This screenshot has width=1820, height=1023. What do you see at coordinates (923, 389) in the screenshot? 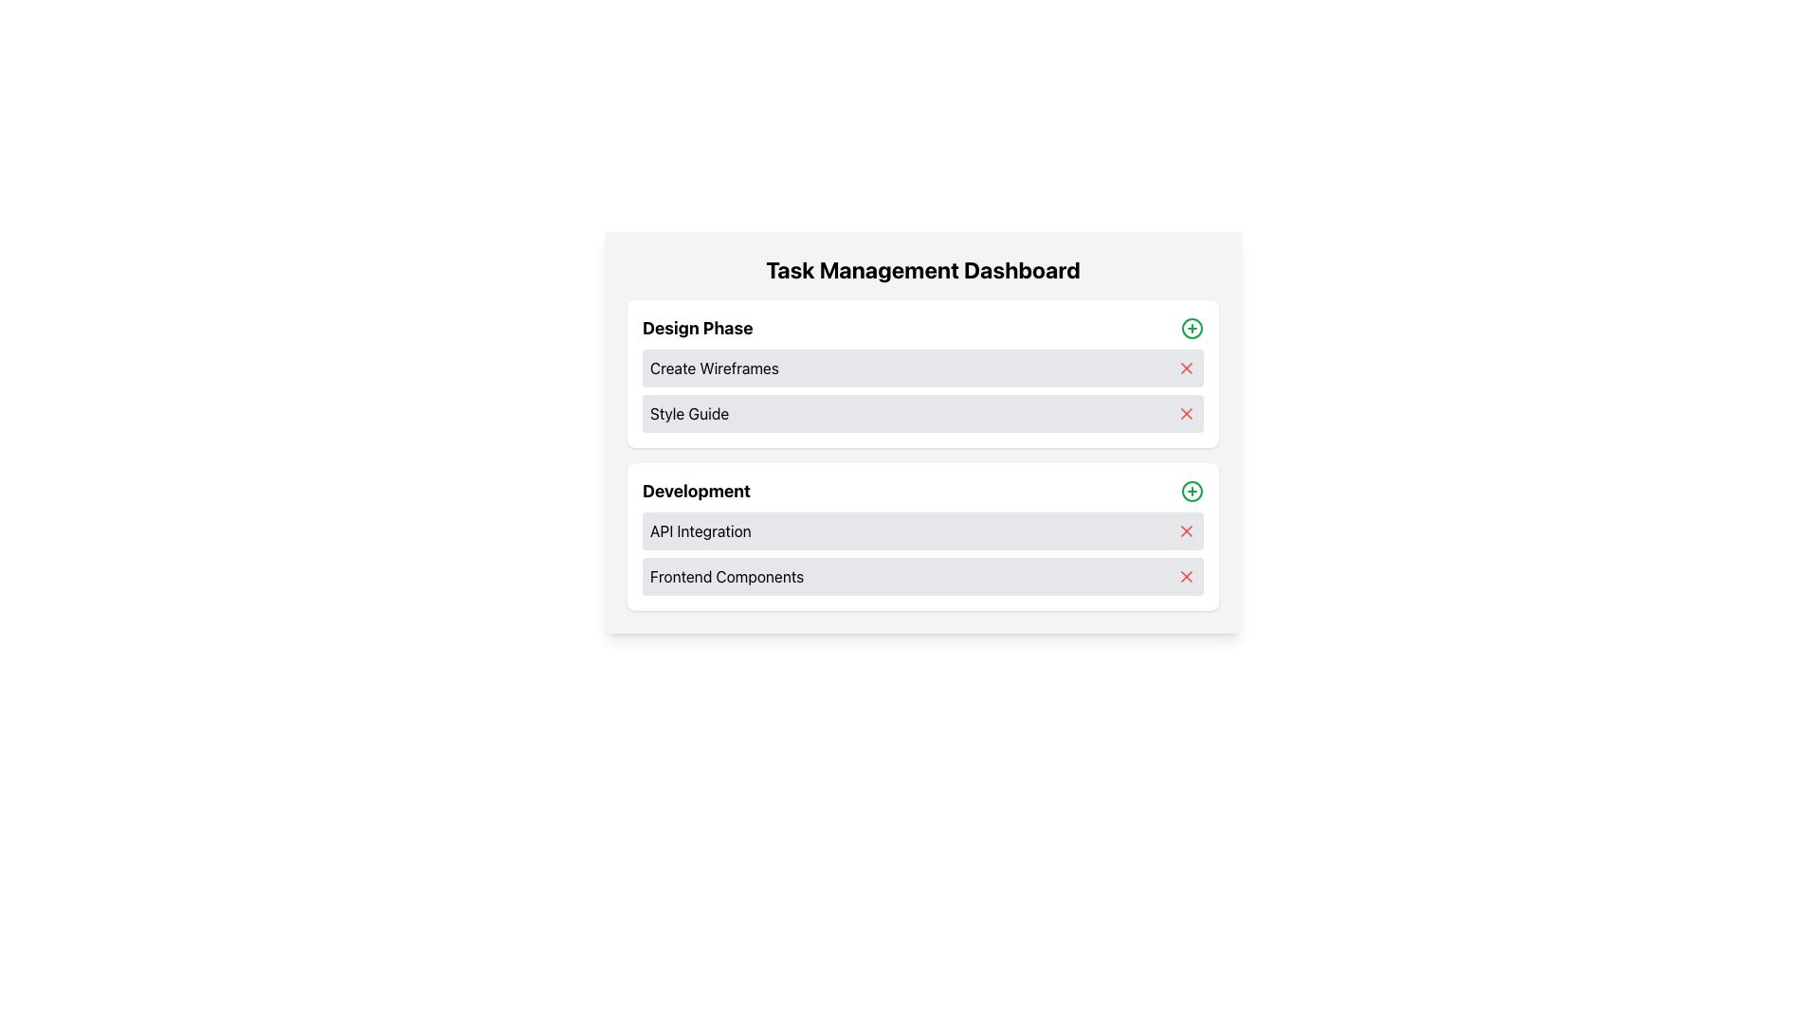
I see `the grouped list of actionable items for reordering, located in the 'Design Phase' section, which contains 'Create Wireframes' and 'Style Guide' tasks` at bounding box center [923, 389].